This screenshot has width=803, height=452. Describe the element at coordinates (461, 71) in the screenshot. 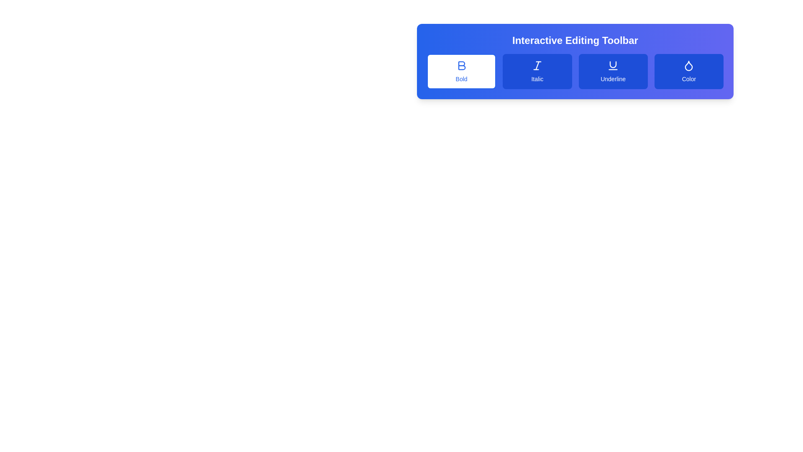

I see `the 'Bold' button with a blue border and a white background, which features an icon of a bold letter 'B' and the label 'Bold' below it` at that location.